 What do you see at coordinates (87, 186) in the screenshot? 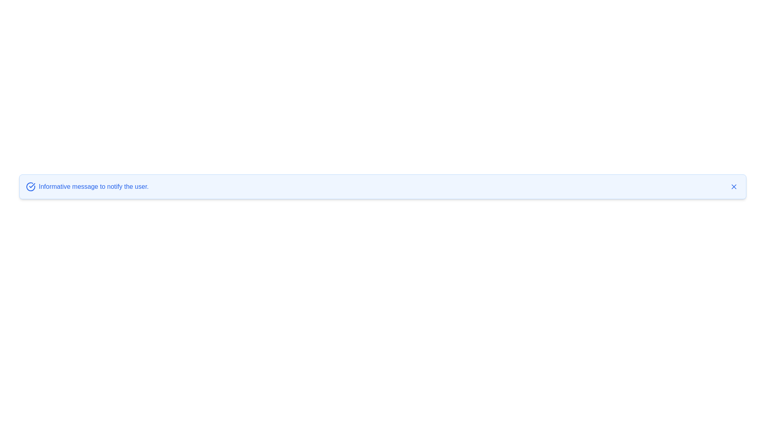
I see `the Text Display element that provides informational messages, located in the notification bar adjacent to a blue checkmark icon` at bounding box center [87, 186].